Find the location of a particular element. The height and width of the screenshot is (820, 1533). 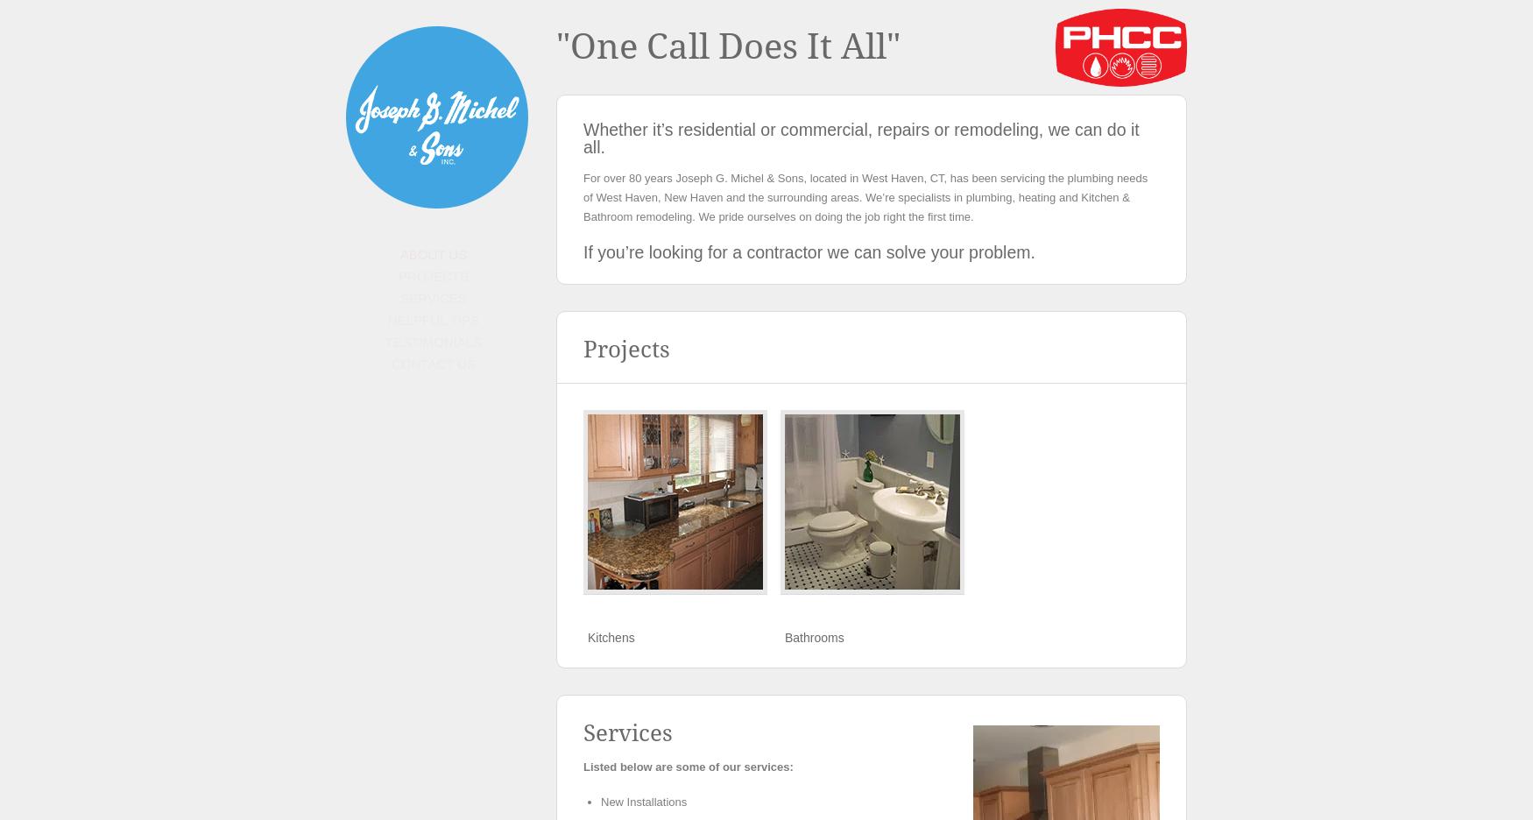

'Whether it’s residential or commercial, repairs or remodeling, we can do it all.' is located at coordinates (860, 137).